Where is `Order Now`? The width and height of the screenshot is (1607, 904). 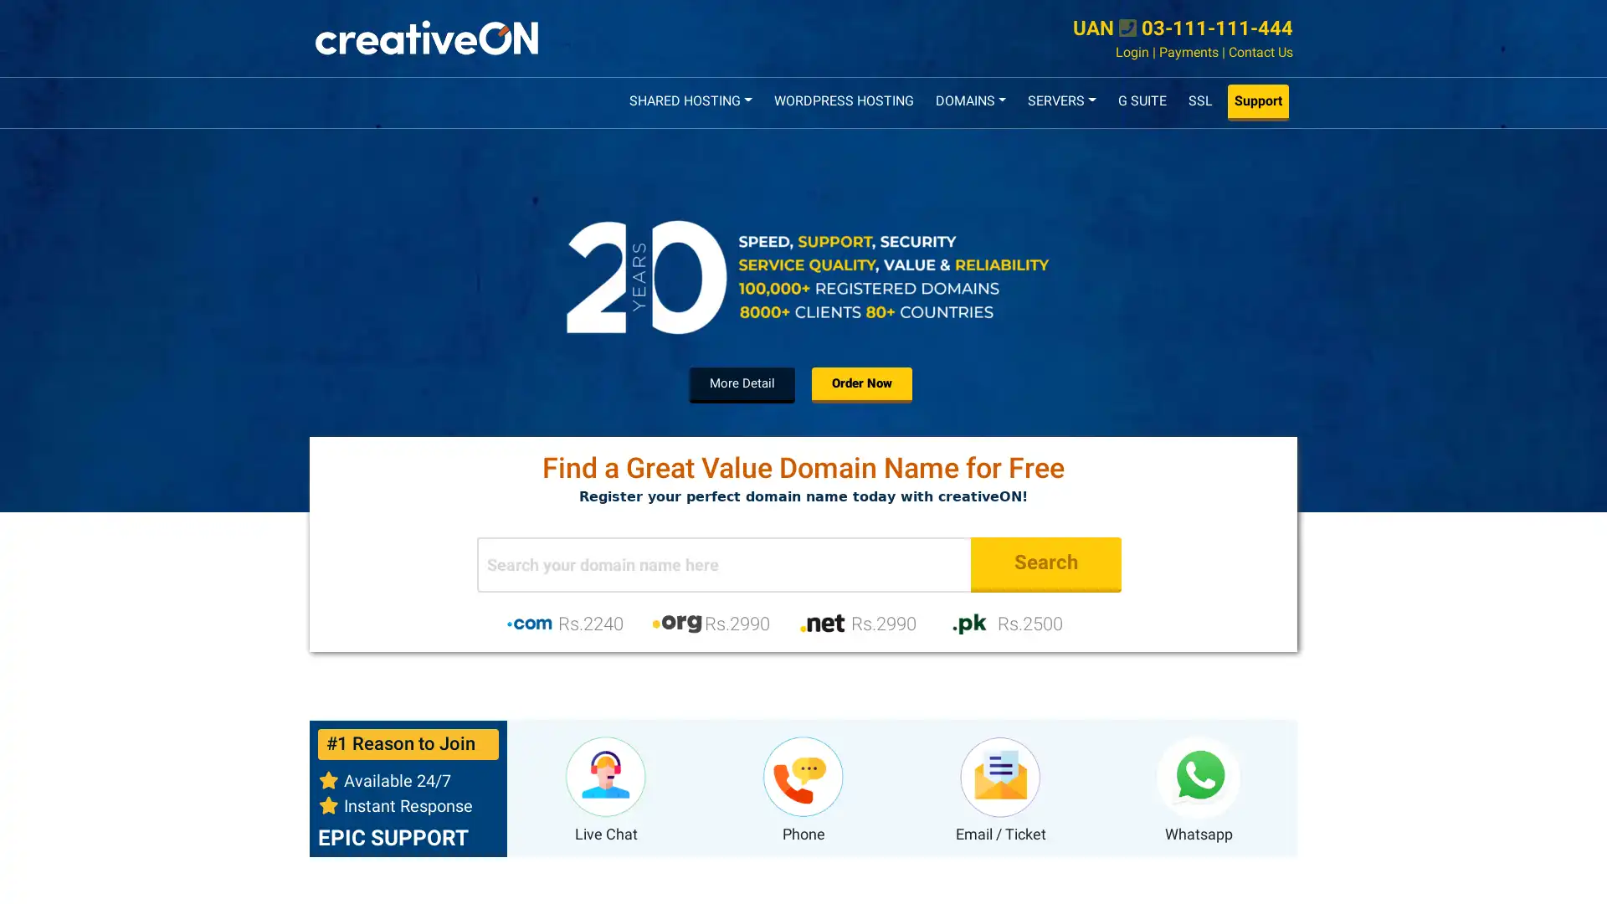 Order Now is located at coordinates (862, 384).